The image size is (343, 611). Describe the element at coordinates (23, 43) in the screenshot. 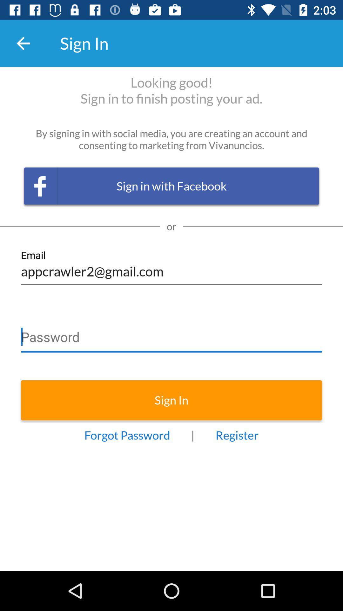

I see `item to the left of the sign in` at that location.